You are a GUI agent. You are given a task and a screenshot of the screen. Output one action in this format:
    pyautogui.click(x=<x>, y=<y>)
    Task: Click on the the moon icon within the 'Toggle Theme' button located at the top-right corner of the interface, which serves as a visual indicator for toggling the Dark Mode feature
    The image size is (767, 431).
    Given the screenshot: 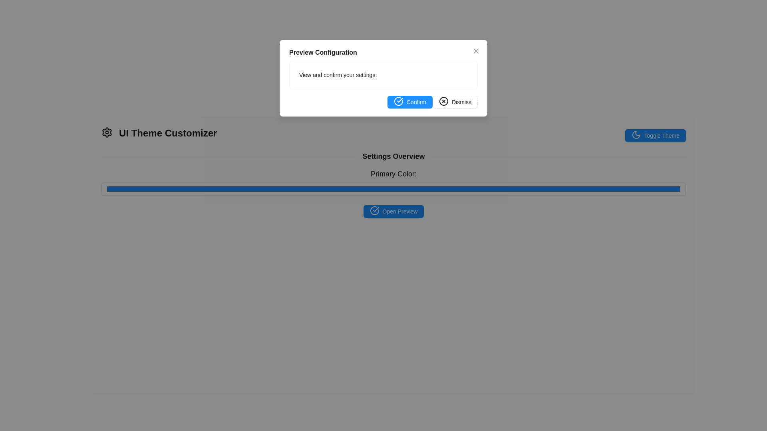 What is the action you would take?
    pyautogui.click(x=636, y=134)
    